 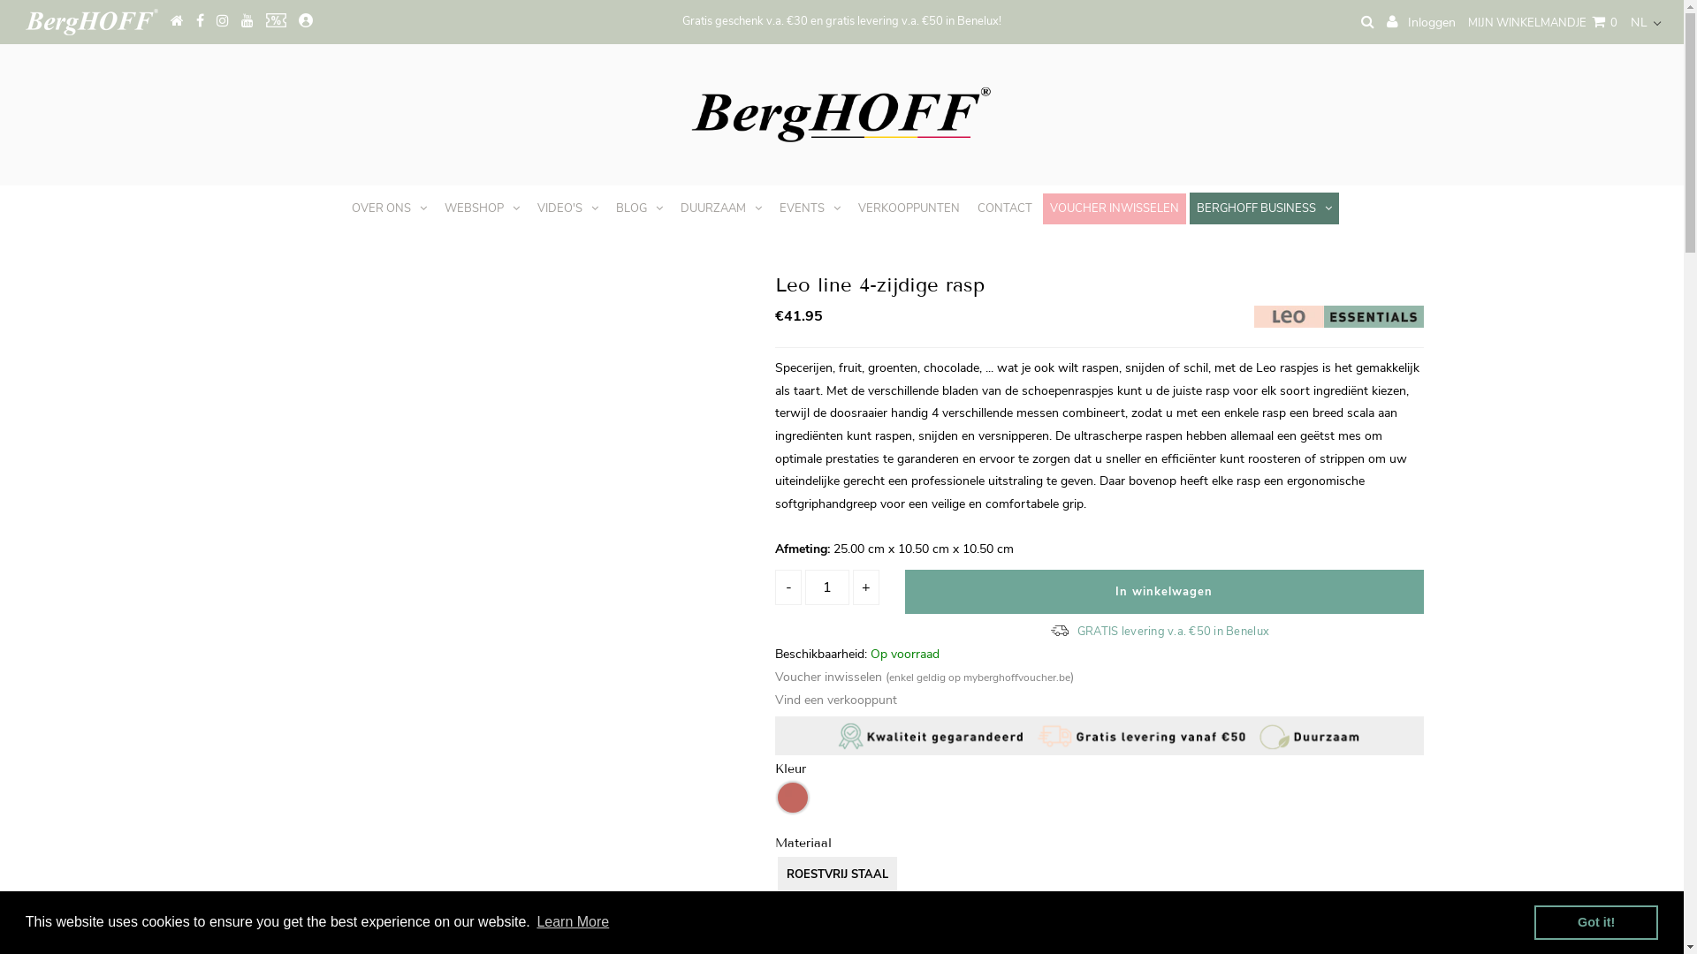 I want to click on 'BERGHOFF BUSINESS', so click(x=1189, y=207).